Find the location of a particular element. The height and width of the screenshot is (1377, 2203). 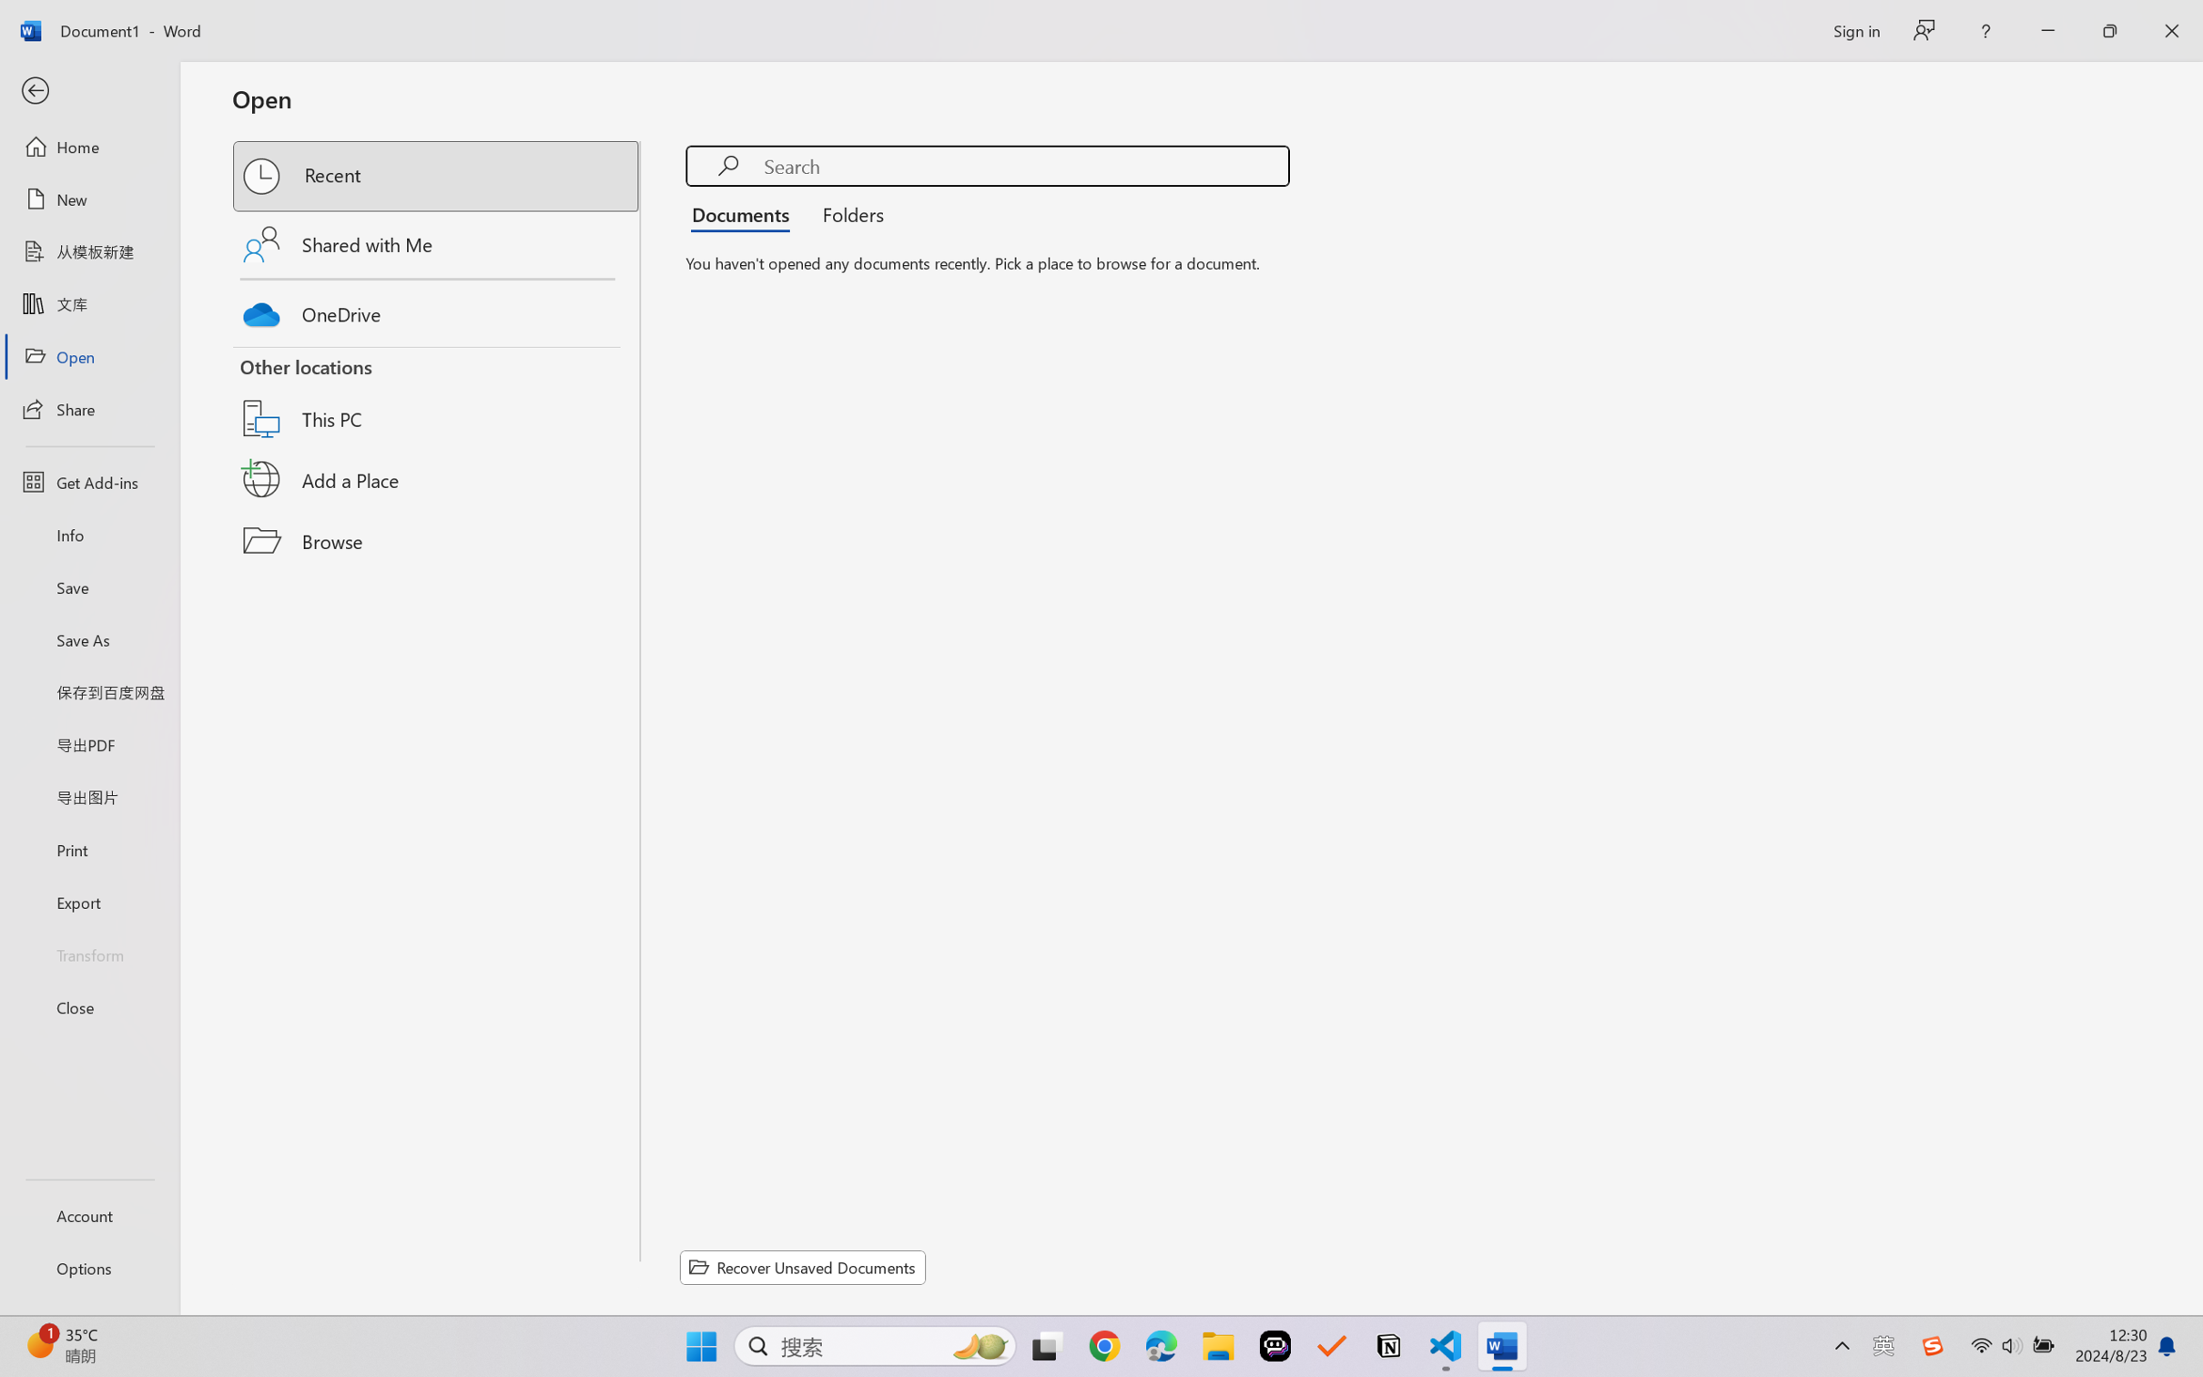

'Documents' is located at coordinates (745, 212).